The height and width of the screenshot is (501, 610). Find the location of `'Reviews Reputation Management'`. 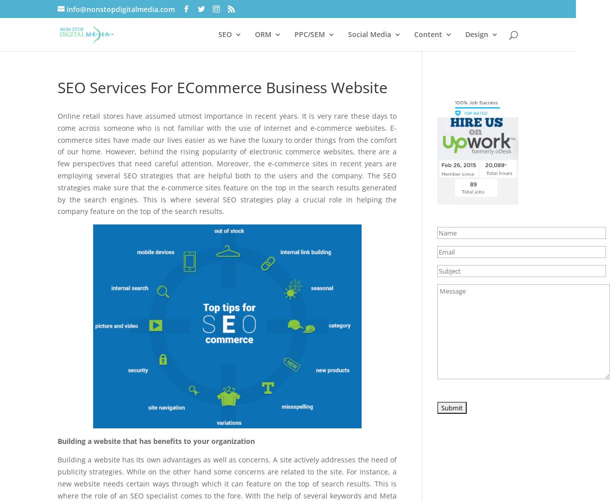

'Reviews Reputation Management' is located at coordinates (309, 249).